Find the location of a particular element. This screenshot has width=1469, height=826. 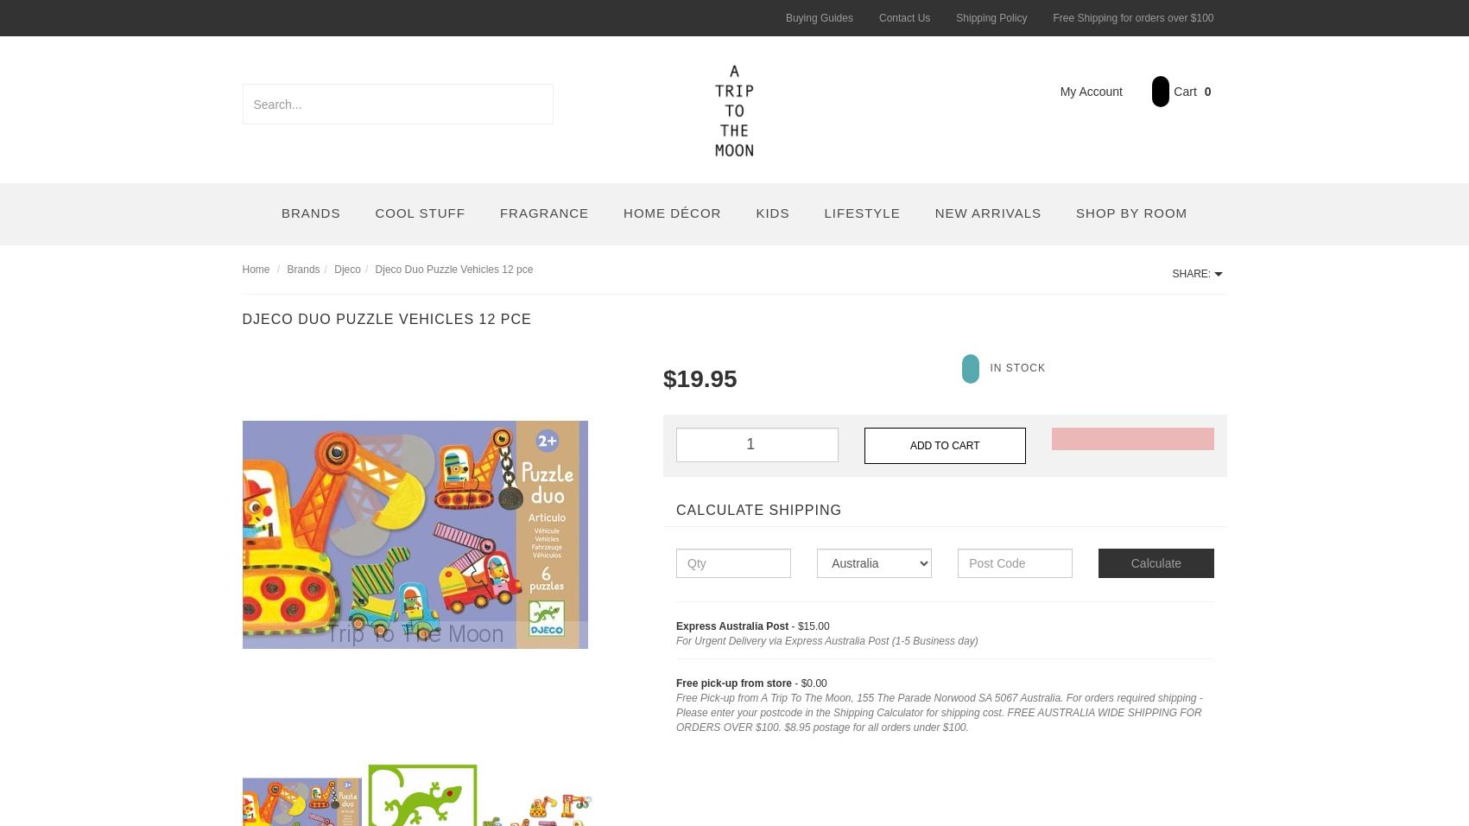

'Cool Stuff' is located at coordinates (418, 212).